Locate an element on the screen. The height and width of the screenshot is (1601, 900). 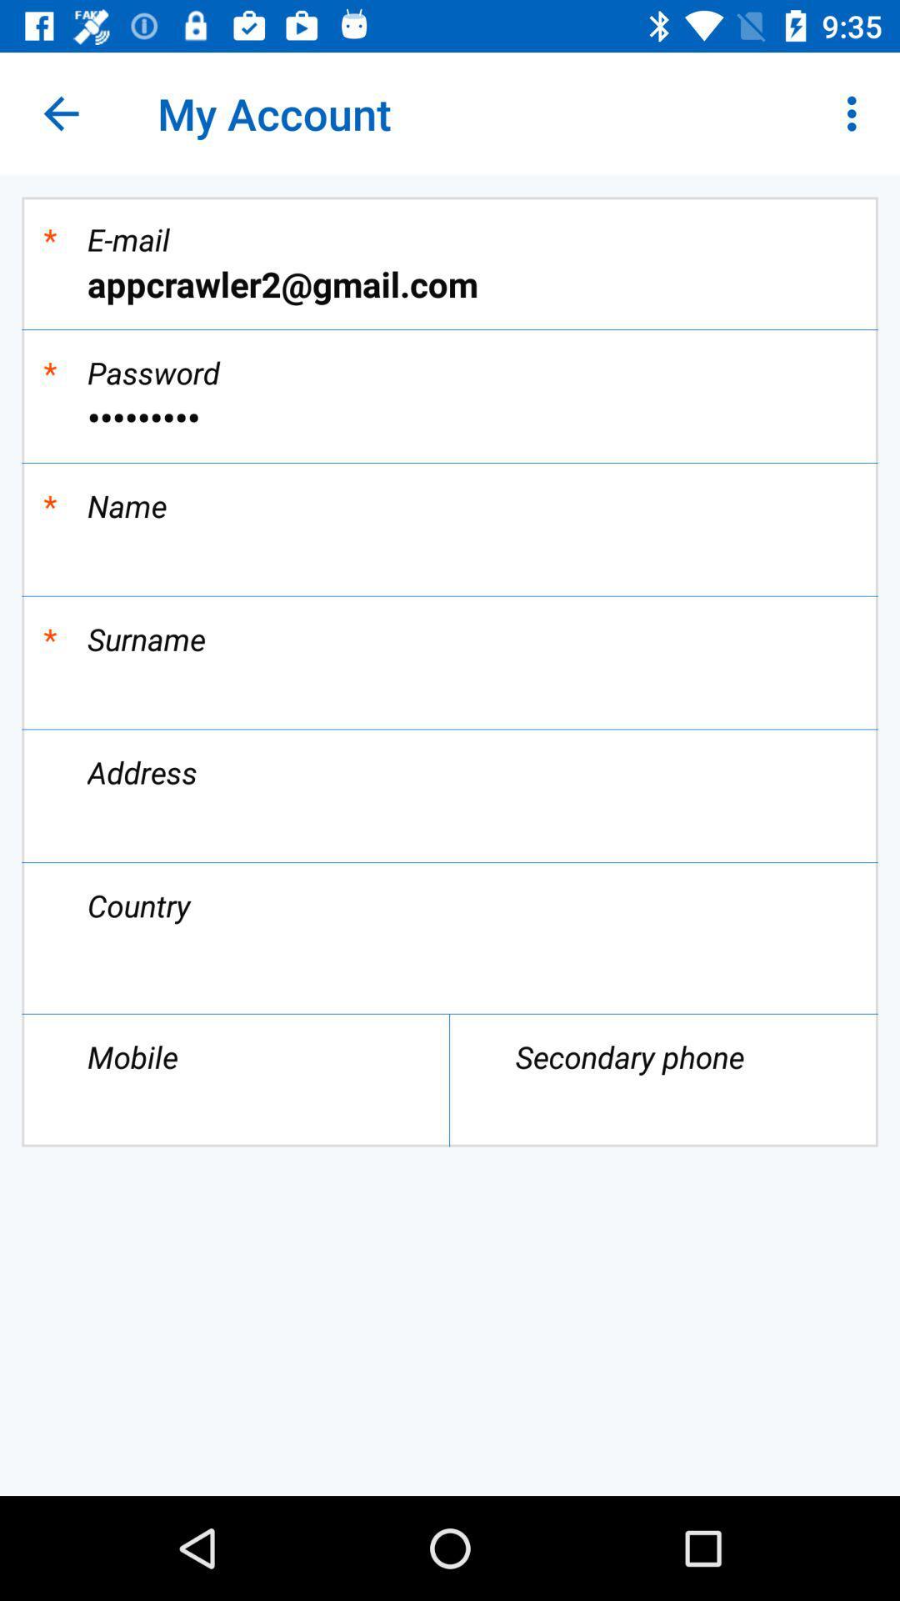
the app next to the my account app is located at coordinates (60, 113).